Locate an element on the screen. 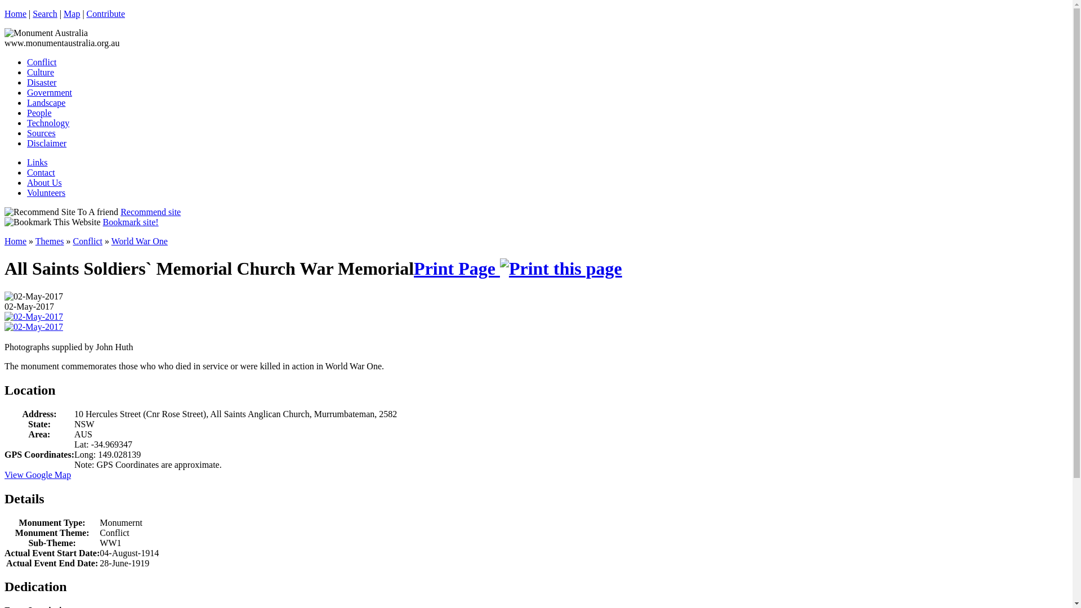 This screenshot has height=608, width=1081. 'Links' is located at coordinates (37, 162).